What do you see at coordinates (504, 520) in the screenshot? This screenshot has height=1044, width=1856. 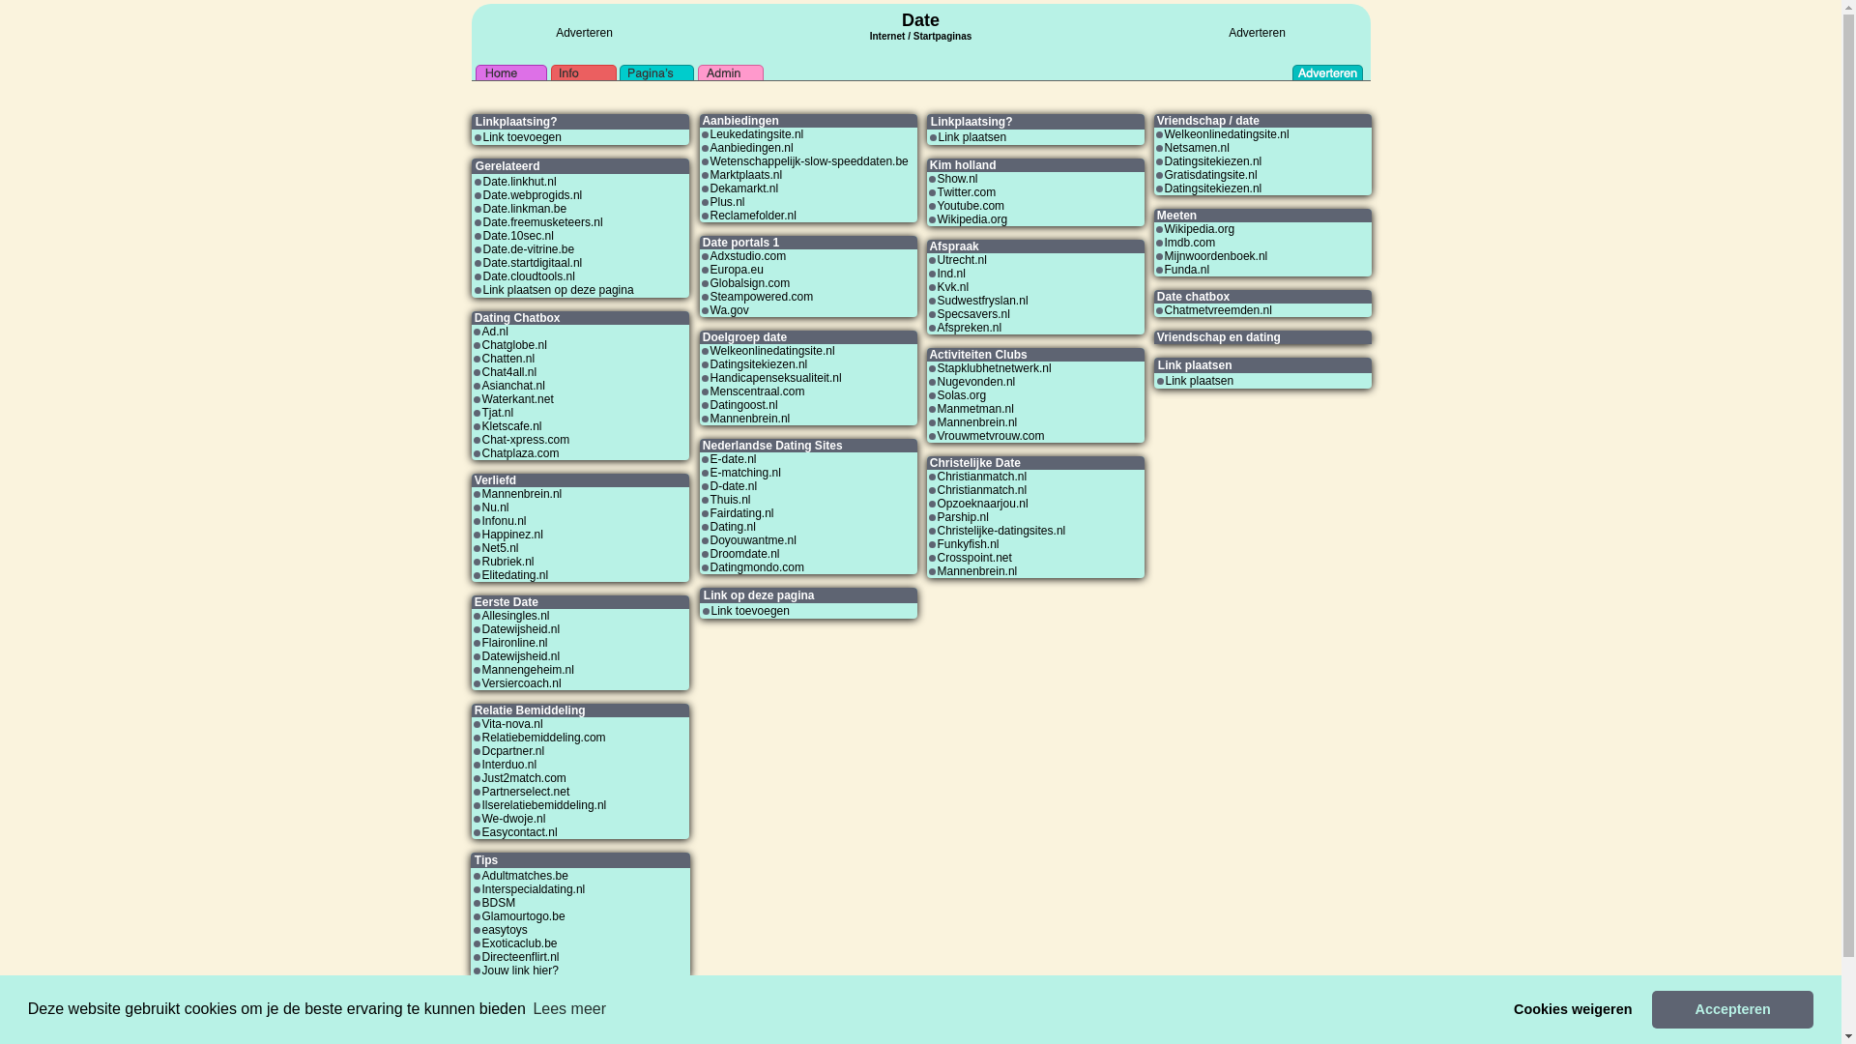 I see `'Infonu.nl'` at bounding box center [504, 520].